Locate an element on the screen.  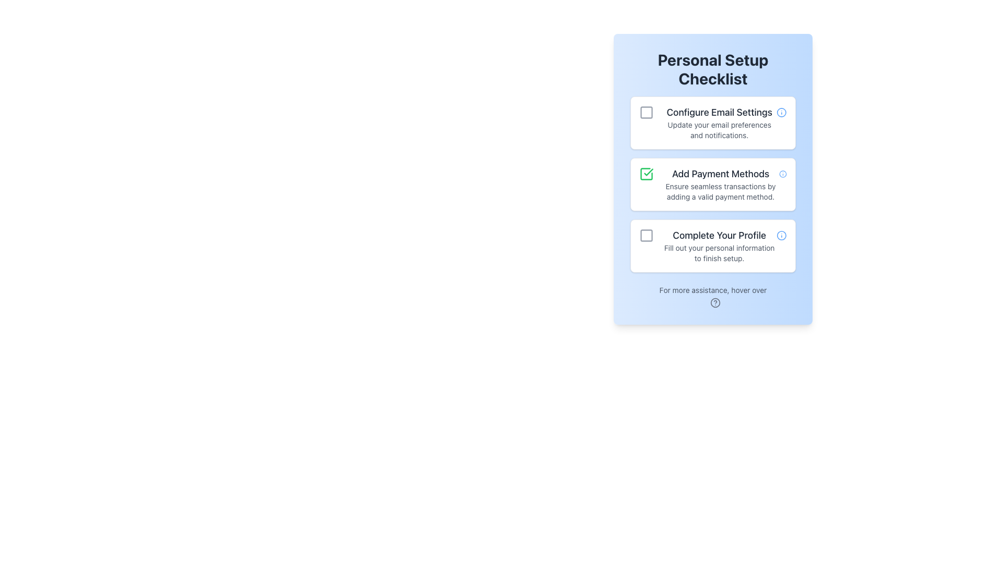
text from the 'Complete Your Profile' banner, which is the third item in a checklist on a blue background, providing guidance for filling out personal information is located at coordinates (719, 246).